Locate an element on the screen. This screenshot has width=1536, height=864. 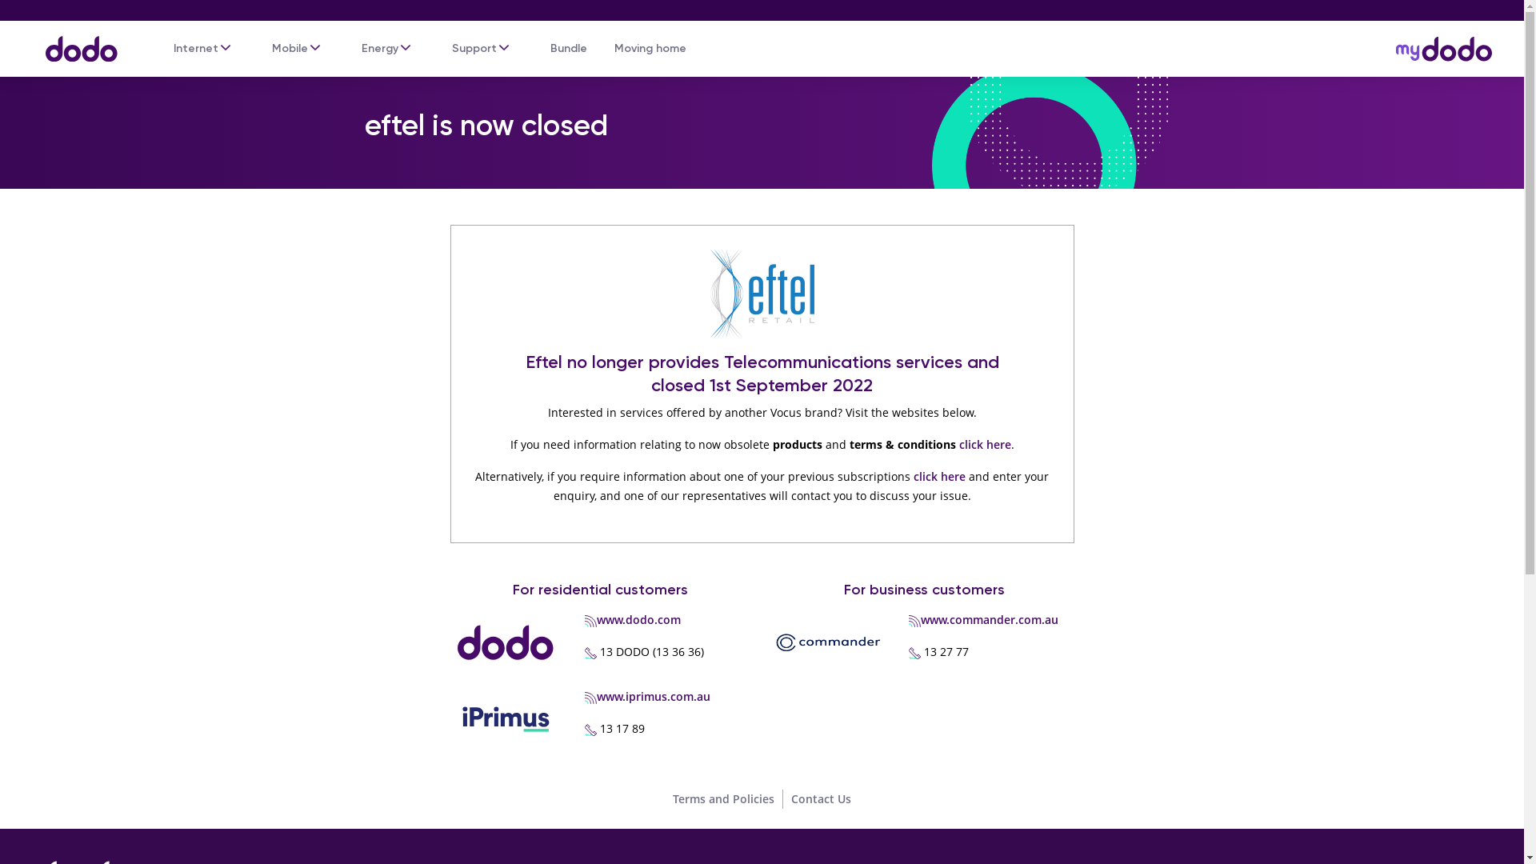
'click here' is located at coordinates (939, 475).